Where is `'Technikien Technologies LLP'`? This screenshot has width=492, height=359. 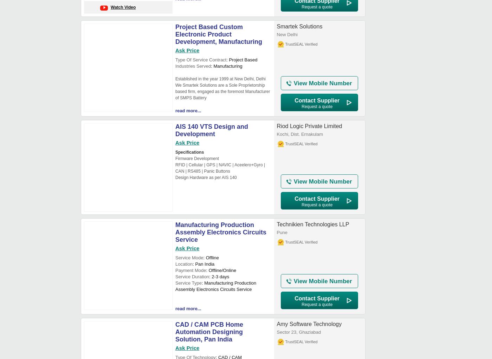
'Technikien Technologies LLP' is located at coordinates (312, 224).